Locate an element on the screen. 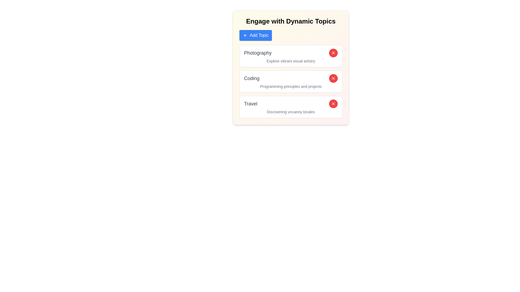  red 'X' button next to the topic labeled Photography to remove it is located at coordinates (333, 53).